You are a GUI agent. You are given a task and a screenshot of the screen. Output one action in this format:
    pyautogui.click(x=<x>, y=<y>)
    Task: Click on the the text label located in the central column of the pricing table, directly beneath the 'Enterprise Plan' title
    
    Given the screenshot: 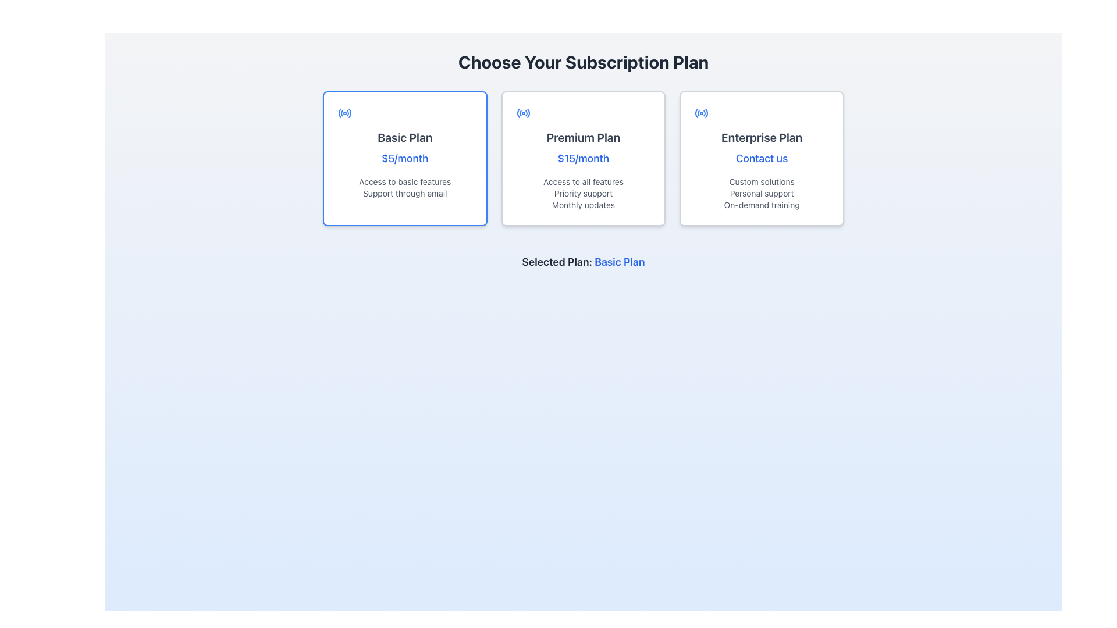 What is the action you would take?
    pyautogui.click(x=762, y=159)
    